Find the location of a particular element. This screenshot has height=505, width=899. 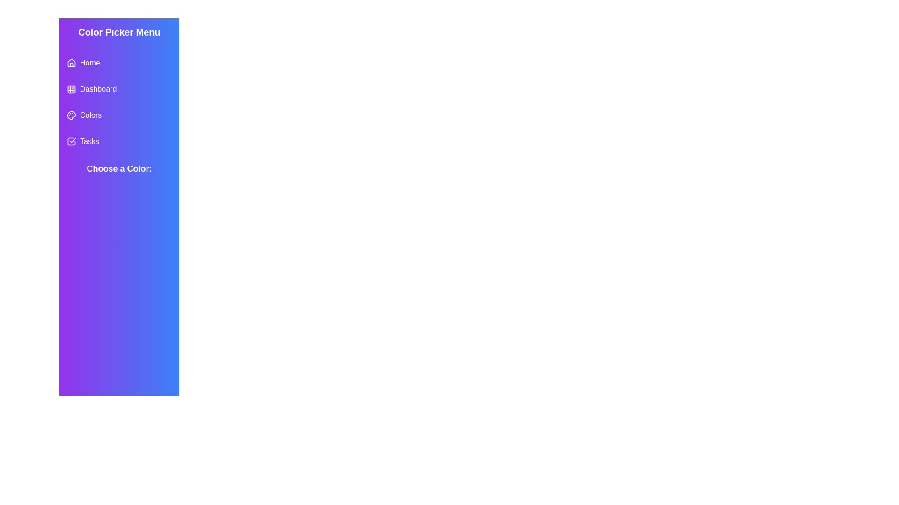

the 'Tasks' text label in the vertical menu on the purple and blue gradient sidebar is located at coordinates (89, 142).